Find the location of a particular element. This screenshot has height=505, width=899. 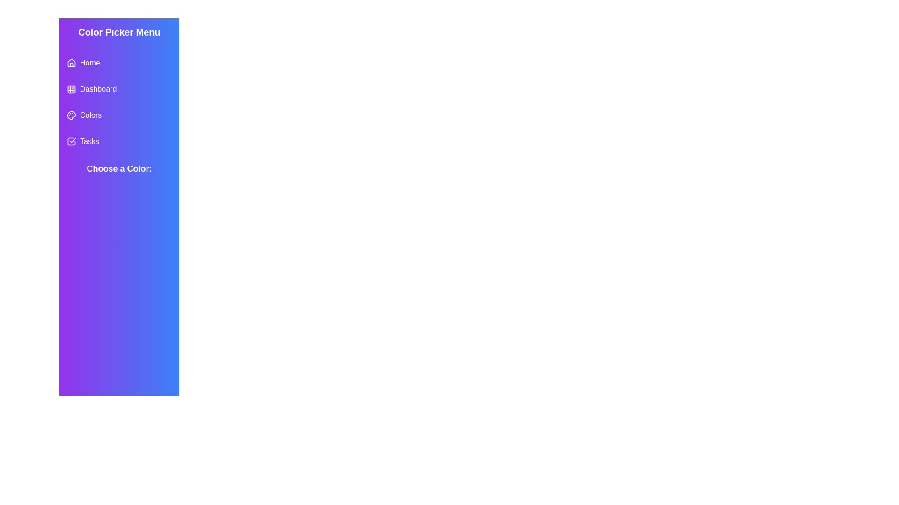

the 'Tasks' text label in the vertical menu on the purple and blue gradient sidebar is located at coordinates (89, 142).